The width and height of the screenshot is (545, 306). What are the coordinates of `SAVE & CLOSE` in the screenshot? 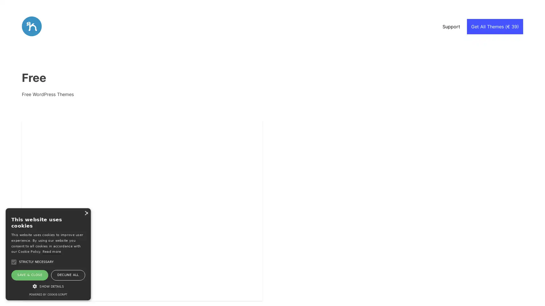 It's located at (30, 275).